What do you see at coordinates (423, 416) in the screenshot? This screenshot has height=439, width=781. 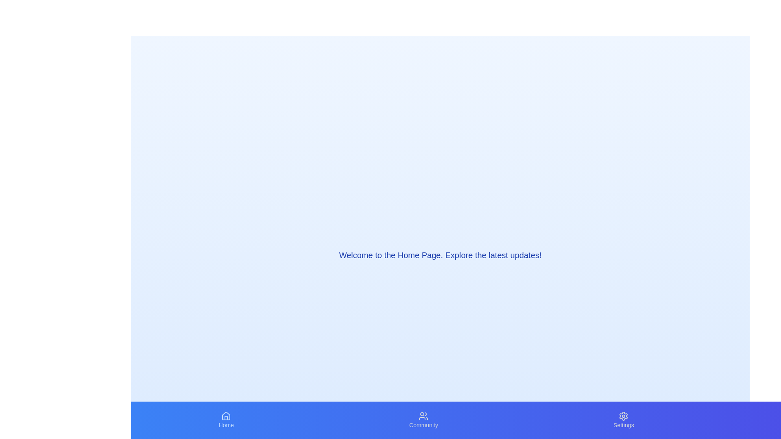 I see `the 'Community' icon in the bottom navigation bar` at bounding box center [423, 416].